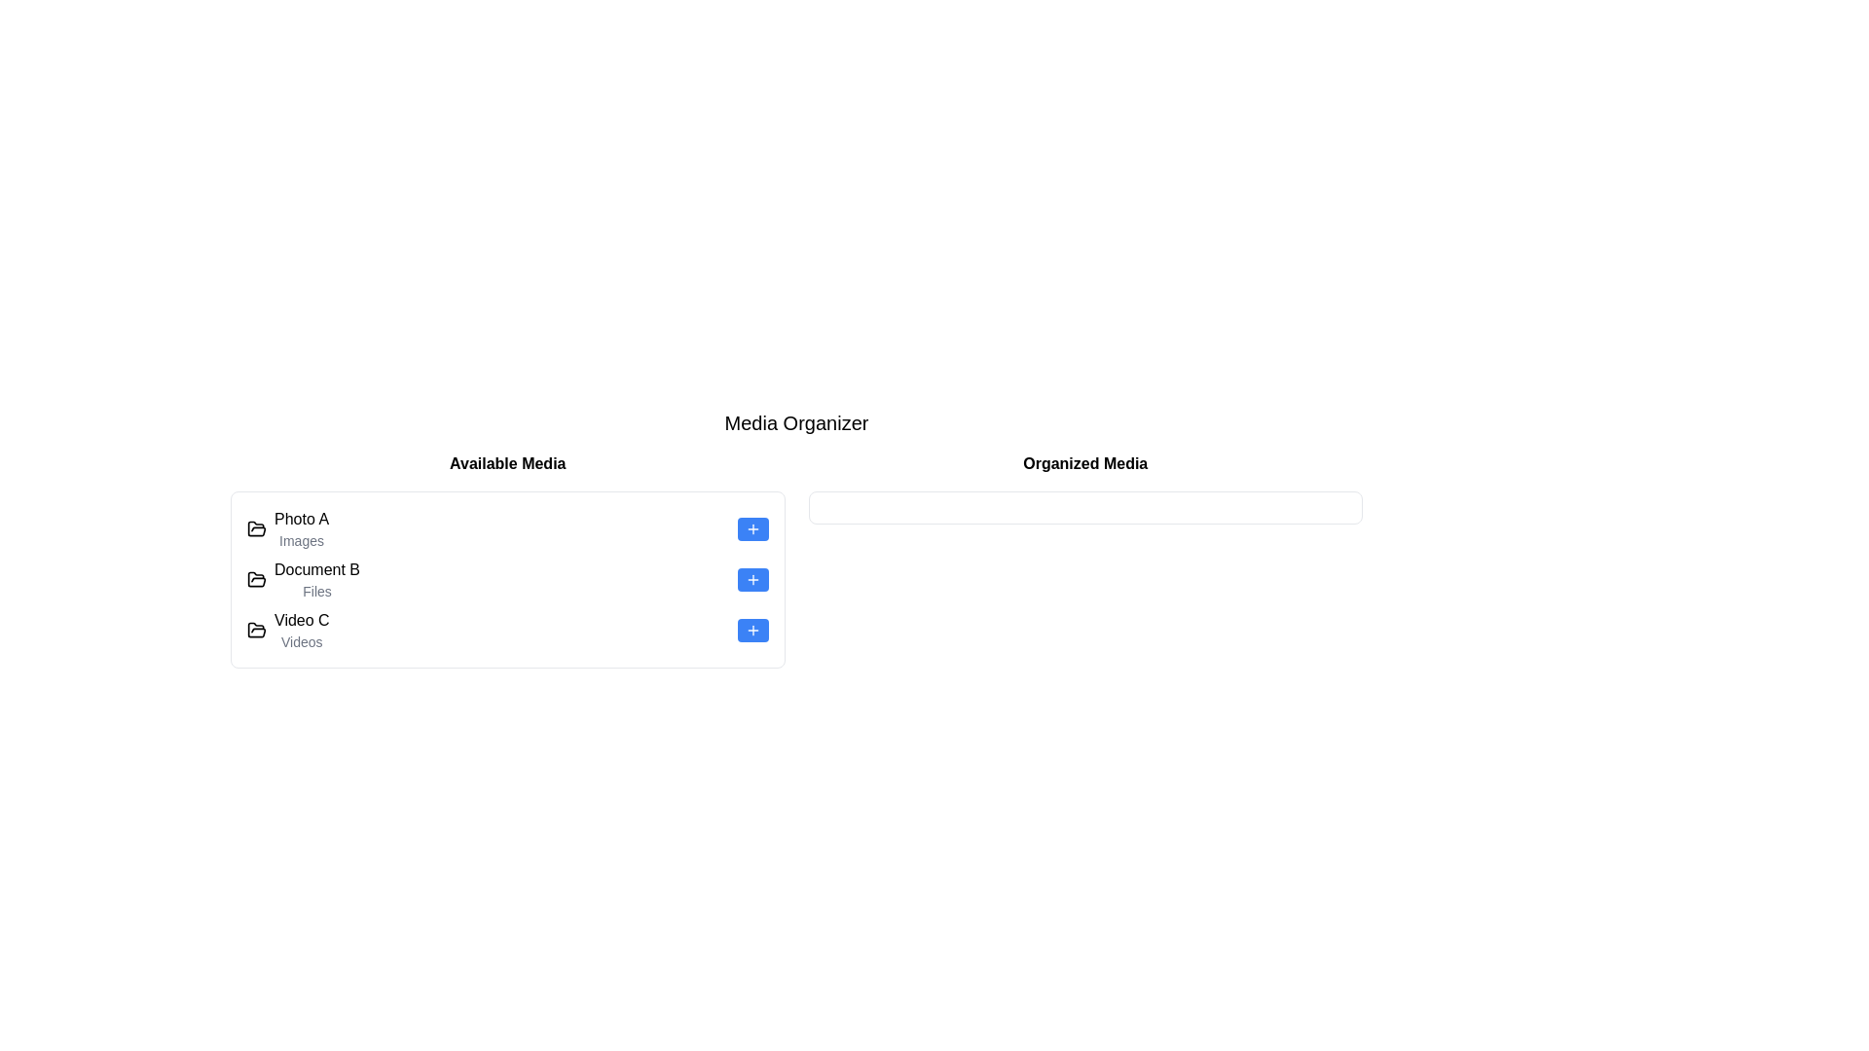  I want to click on the plus icon located within the third blue button in the vertical list of buttons under the 'Available Media' section, so click(751, 631).